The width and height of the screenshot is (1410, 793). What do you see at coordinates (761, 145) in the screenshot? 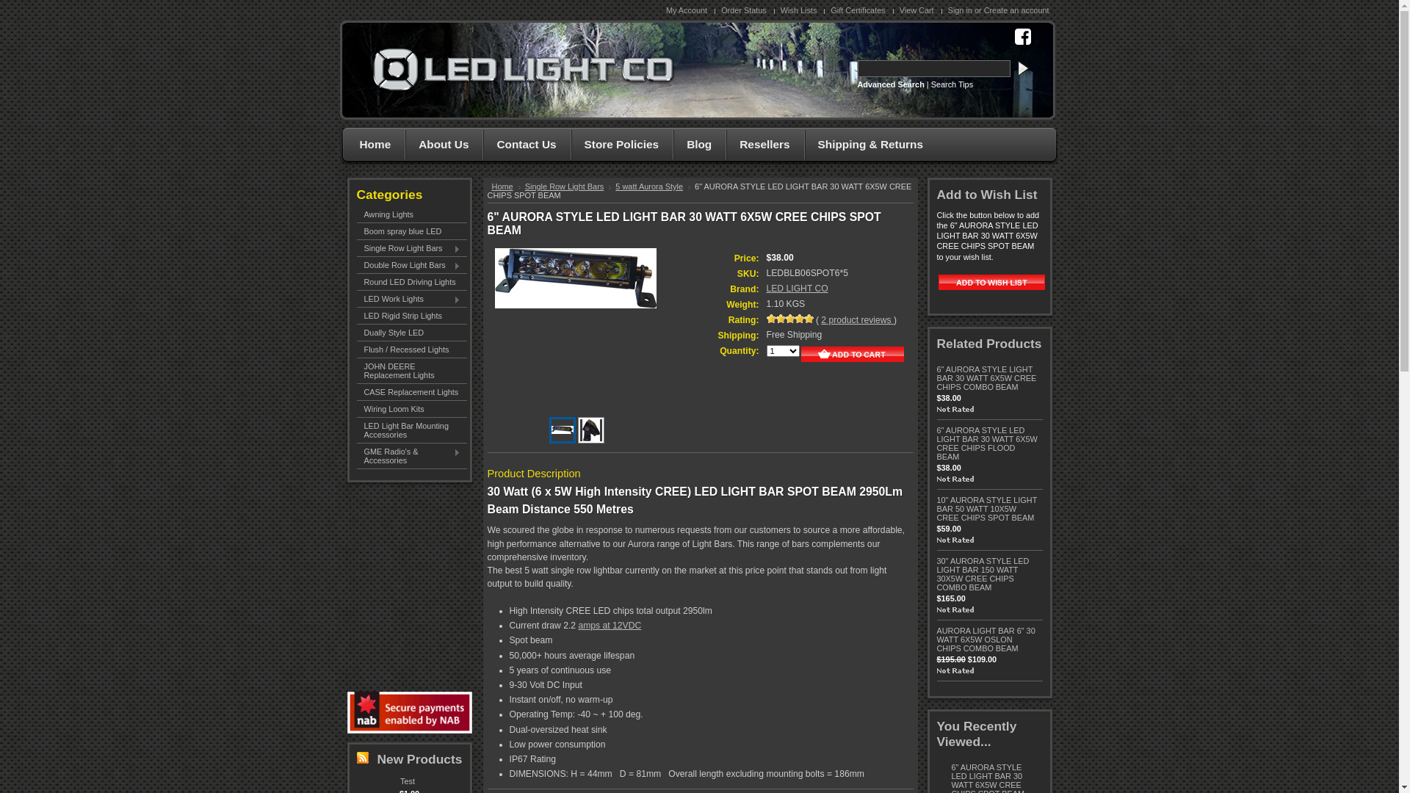
I see `'Resellers'` at bounding box center [761, 145].